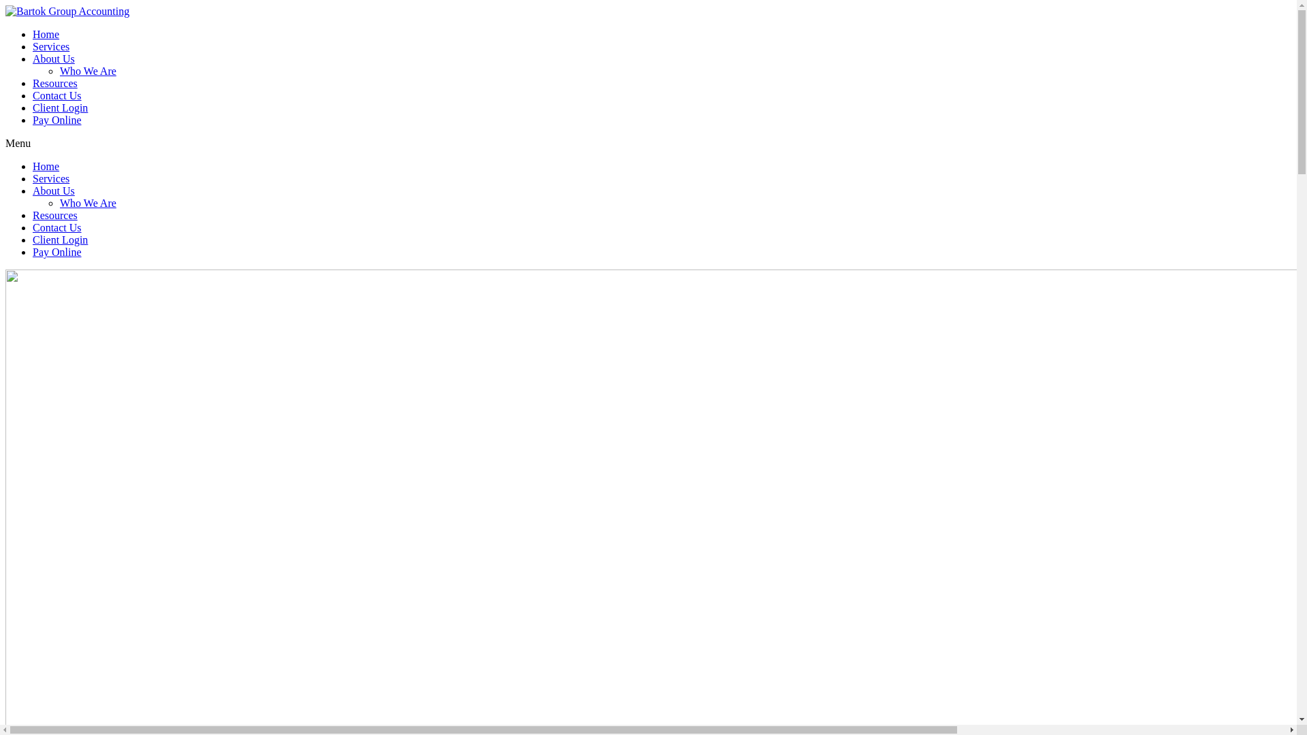 This screenshot has height=735, width=1307. What do you see at coordinates (59, 107) in the screenshot?
I see `'Client Login'` at bounding box center [59, 107].